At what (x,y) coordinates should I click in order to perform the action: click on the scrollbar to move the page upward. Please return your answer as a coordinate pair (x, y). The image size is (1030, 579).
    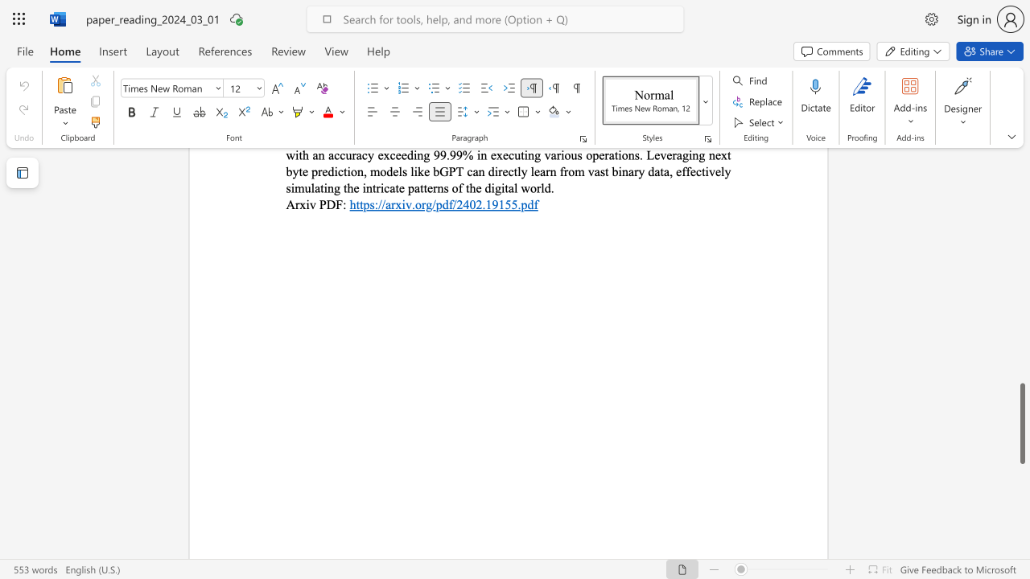
    Looking at the image, I should click on (1021, 199).